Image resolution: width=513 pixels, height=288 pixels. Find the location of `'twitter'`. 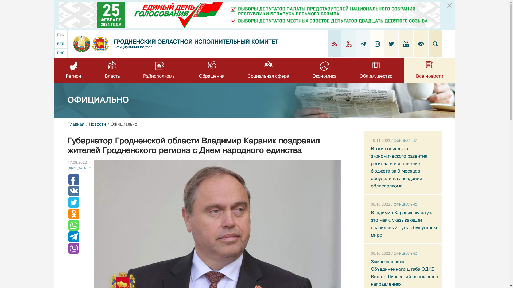

'twitter' is located at coordinates (388, 43).